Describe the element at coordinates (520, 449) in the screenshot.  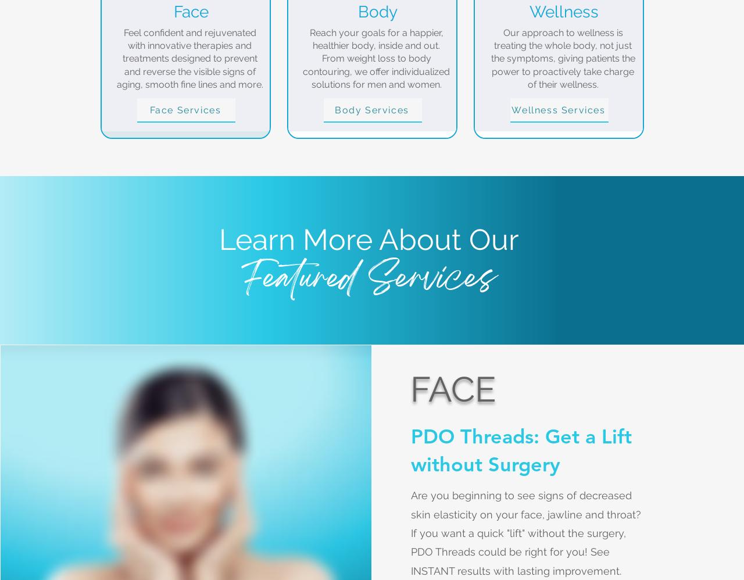
I see `'PDO Threads: Get a Lift without Surgery'` at that location.